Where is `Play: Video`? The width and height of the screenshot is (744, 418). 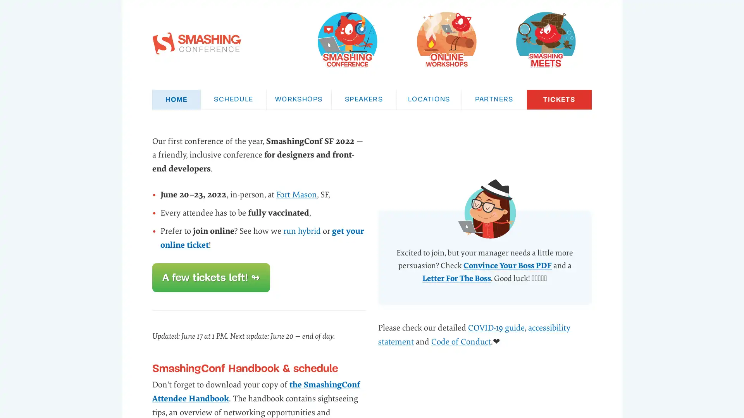
Play: Video is located at coordinates (484, 211).